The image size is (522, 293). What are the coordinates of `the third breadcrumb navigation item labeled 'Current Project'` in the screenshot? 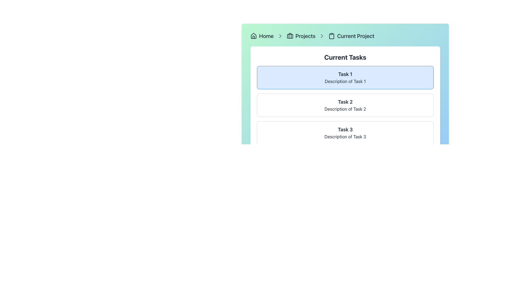 It's located at (351, 36).